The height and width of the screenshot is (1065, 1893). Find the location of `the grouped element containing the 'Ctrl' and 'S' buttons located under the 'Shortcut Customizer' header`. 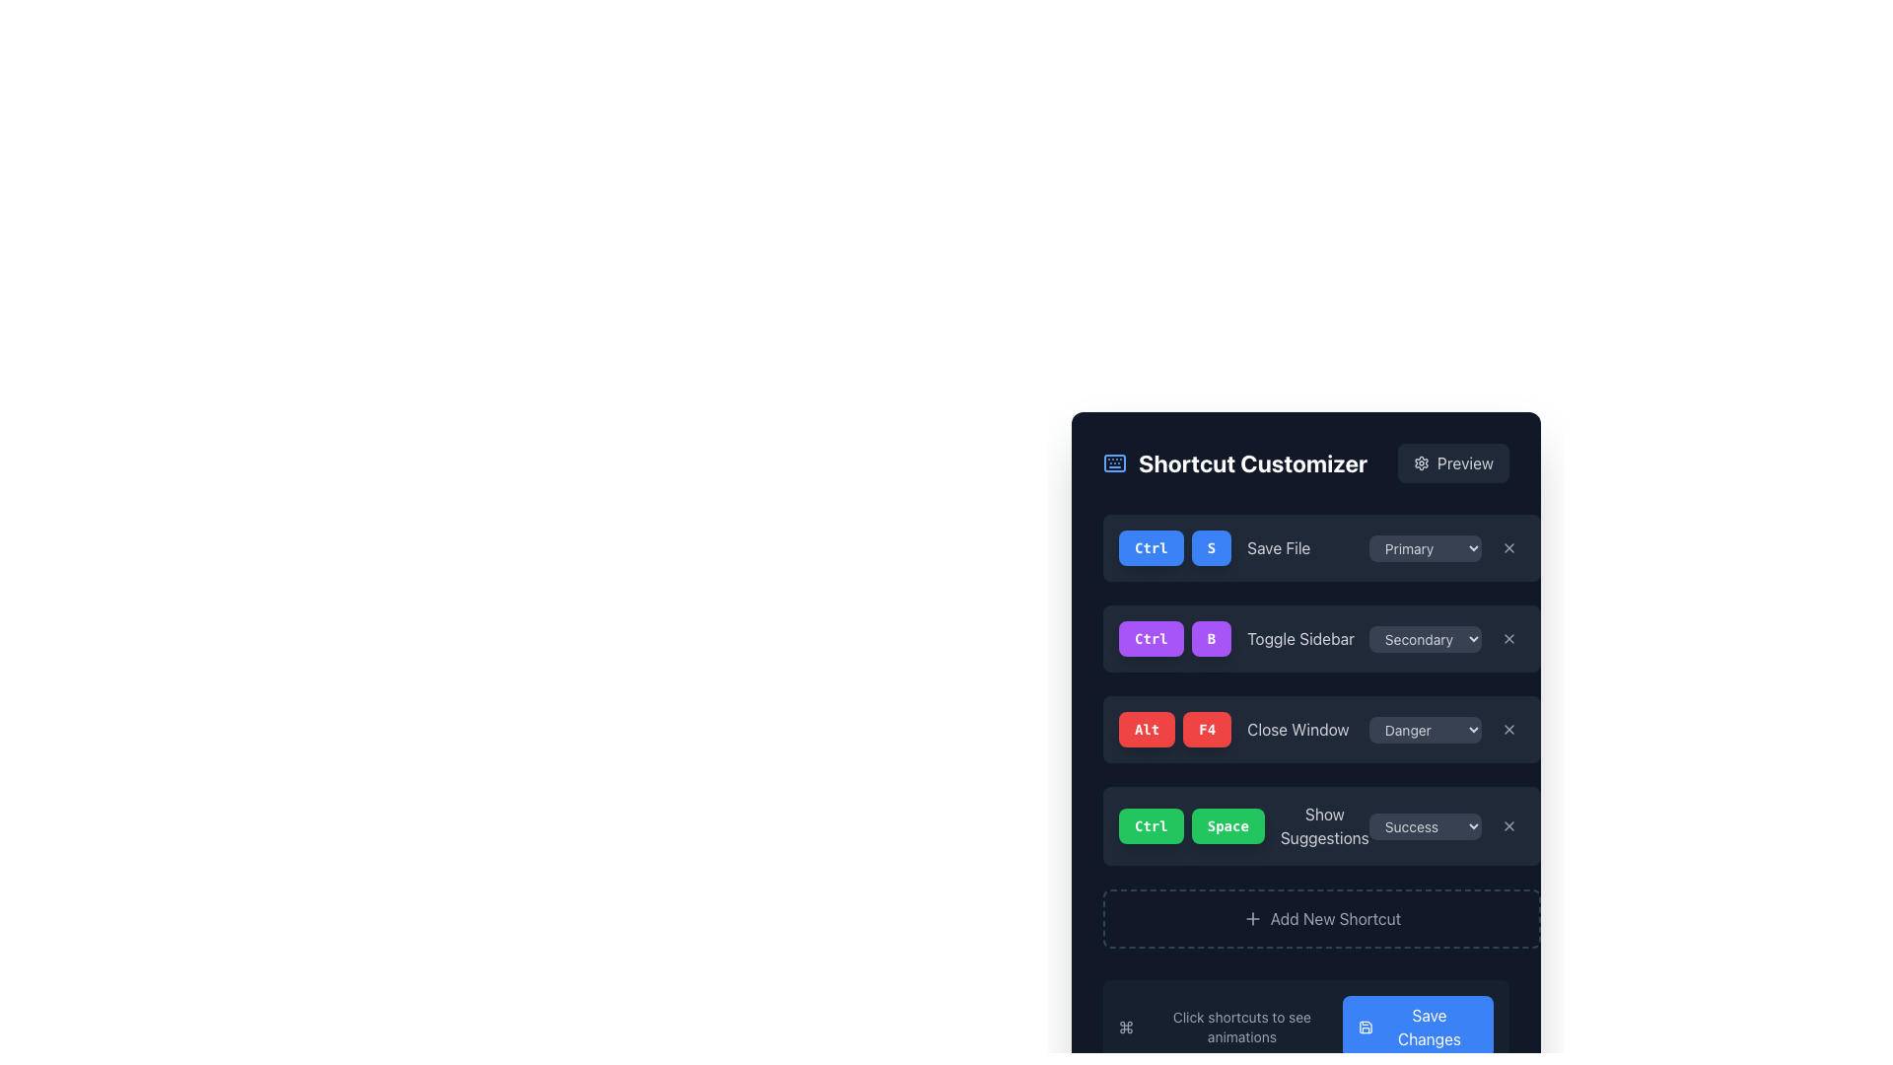

the grouped element containing the 'Ctrl' and 'S' buttons located under the 'Shortcut Customizer' header is located at coordinates (1175, 547).